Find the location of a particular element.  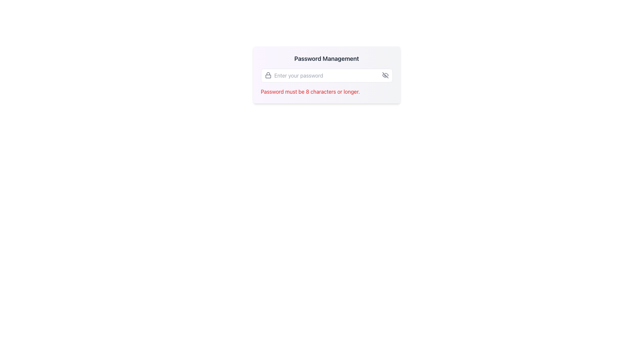

within the password input field of the password management widget to focus on it is located at coordinates (327, 74).